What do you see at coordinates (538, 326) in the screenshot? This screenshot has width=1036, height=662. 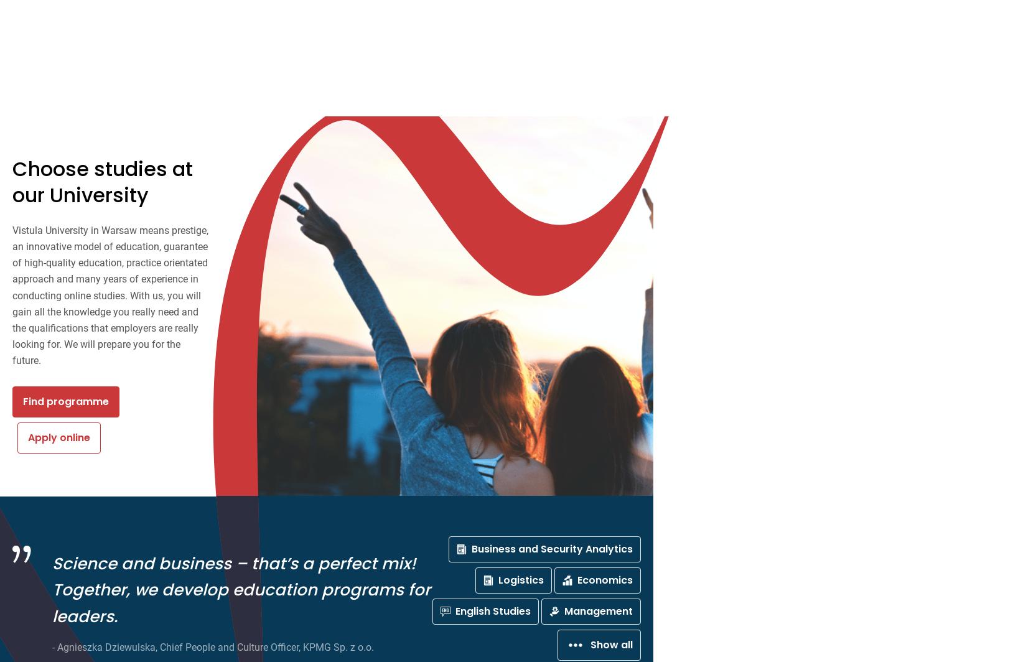 I see `'Show all'` at bounding box center [538, 326].